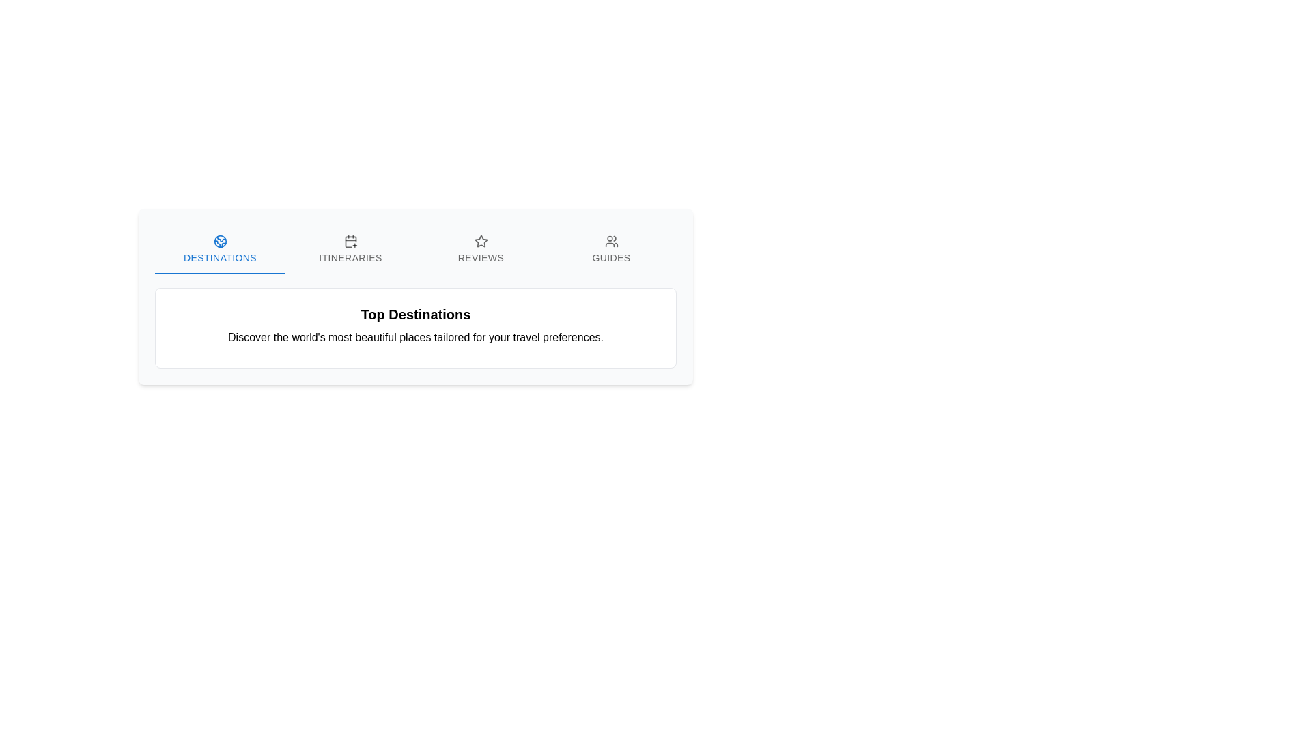 This screenshot has height=737, width=1311. What do you see at coordinates (610, 241) in the screenshot?
I see `the icon representing a group of people located in the 'Guides' tab at the far right of the navigation tabs above the label 'Guides'` at bounding box center [610, 241].